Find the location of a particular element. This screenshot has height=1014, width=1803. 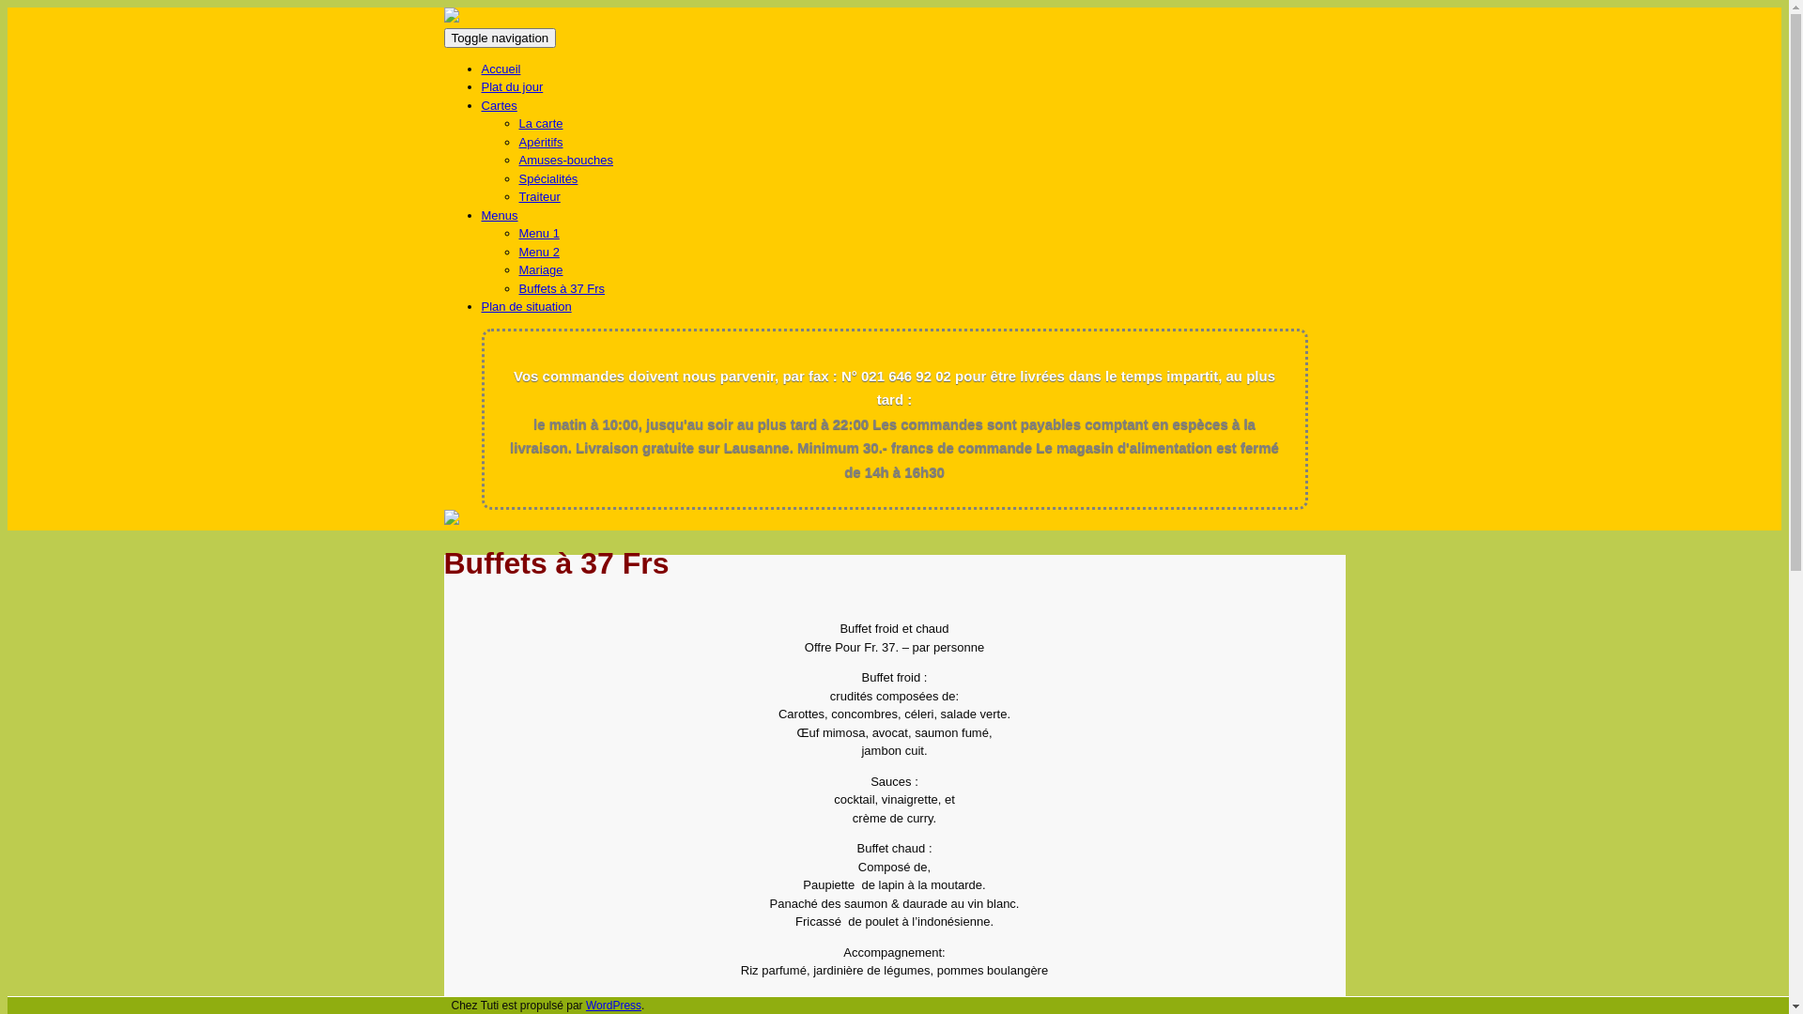

'Plat du jour' is located at coordinates (481, 86).